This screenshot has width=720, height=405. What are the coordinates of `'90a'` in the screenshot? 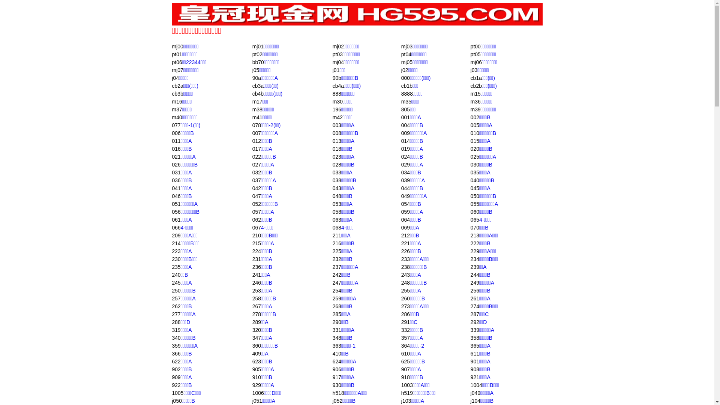 It's located at (256, 78).